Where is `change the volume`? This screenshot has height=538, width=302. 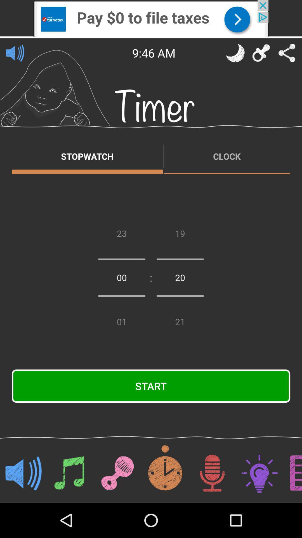 change the volume is located at coordinates (15, 53).